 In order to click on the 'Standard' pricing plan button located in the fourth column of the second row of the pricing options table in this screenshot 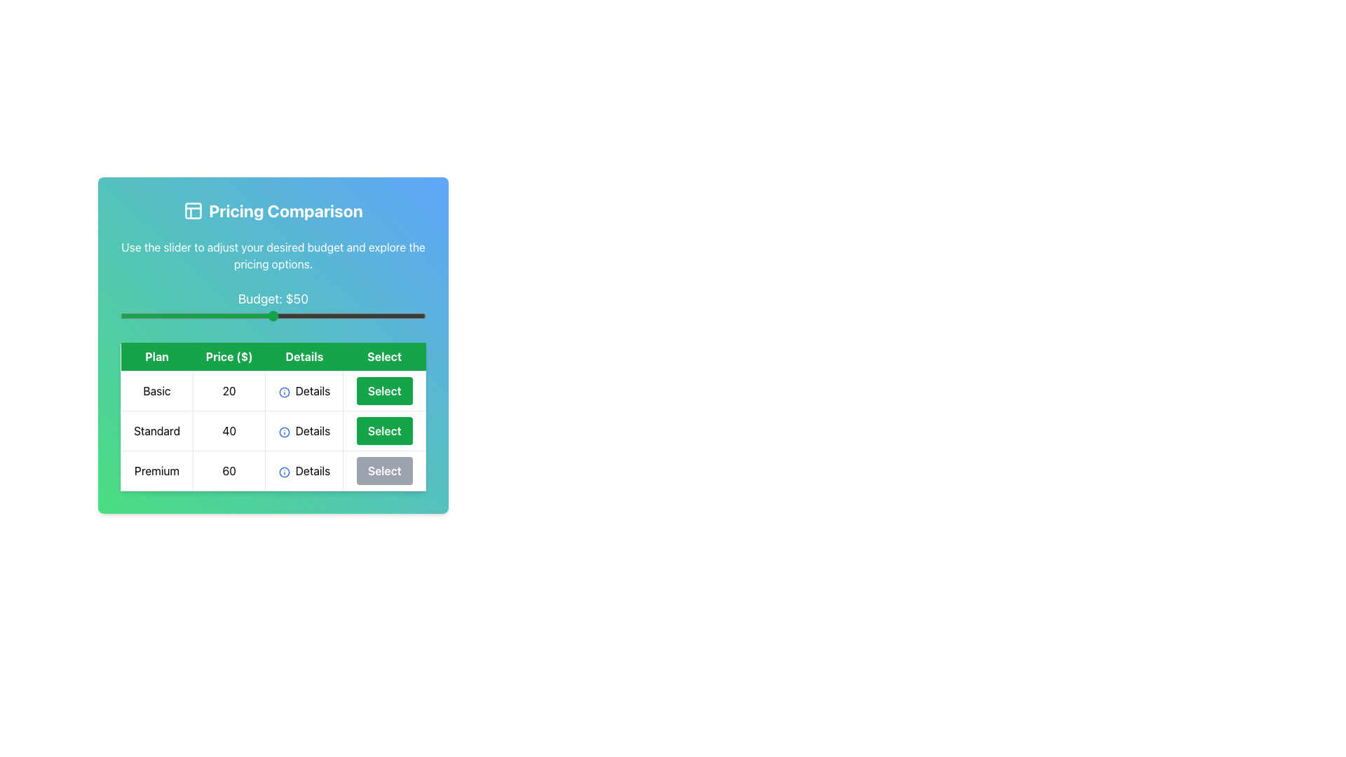, I will do `click(384, 430)`.